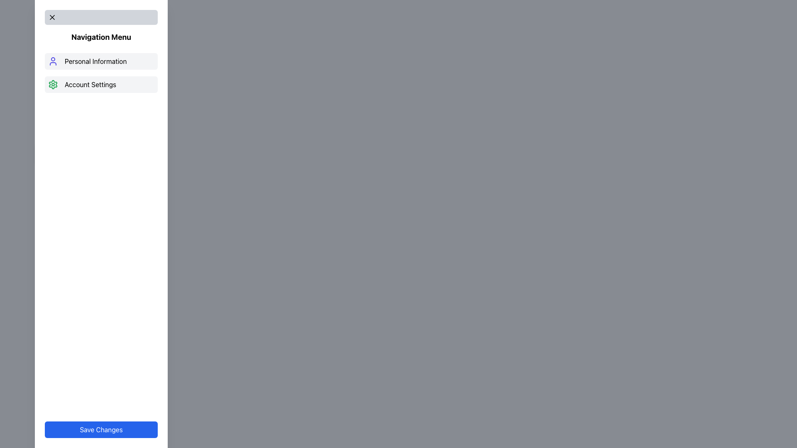  What do you see at coordinates (51, 17) in the screenshot?
I see `the close button icon located near the top-left corner of the navigation interface` at bounding box center [51, 17].